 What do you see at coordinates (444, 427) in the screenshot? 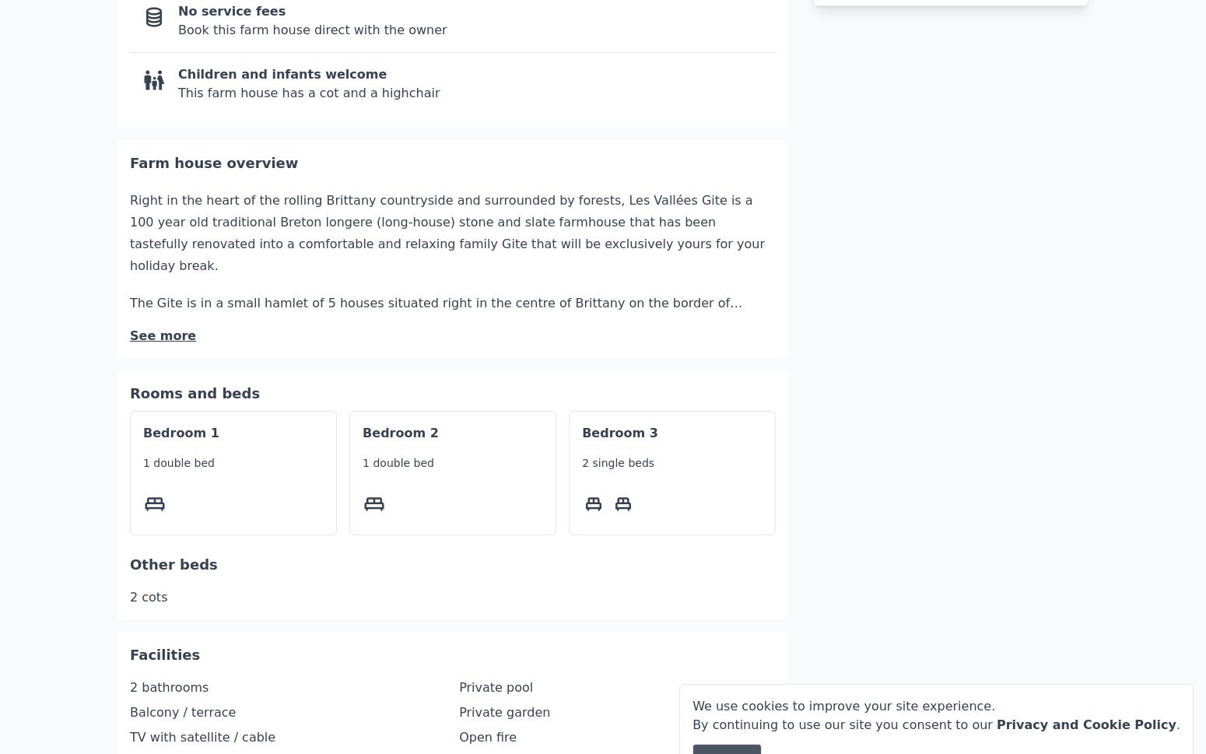
I see `'Outside, the Gite is situated in a roughly half acre enclosed Garden, surrounded by fields and woods. Between the two 'wings' of the Gite is a floodlit gravelled courtyard and a large open barn on the opposite side.'` at bounding box center [444, 427].